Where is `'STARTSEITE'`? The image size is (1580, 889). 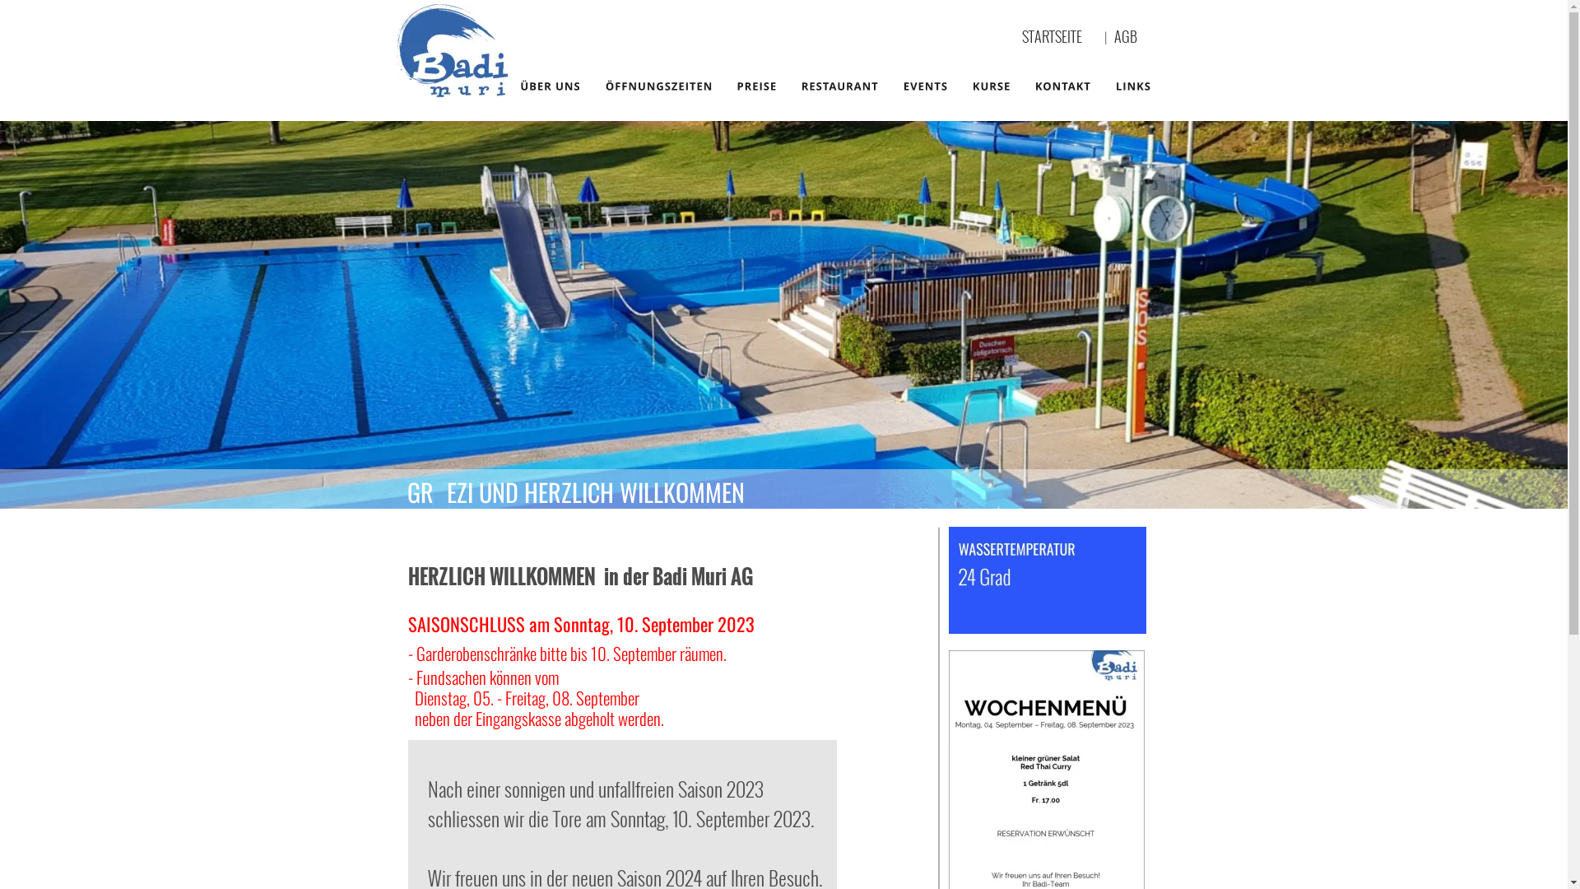 'STARTSEITE' is located at coordinates (1051, 35).